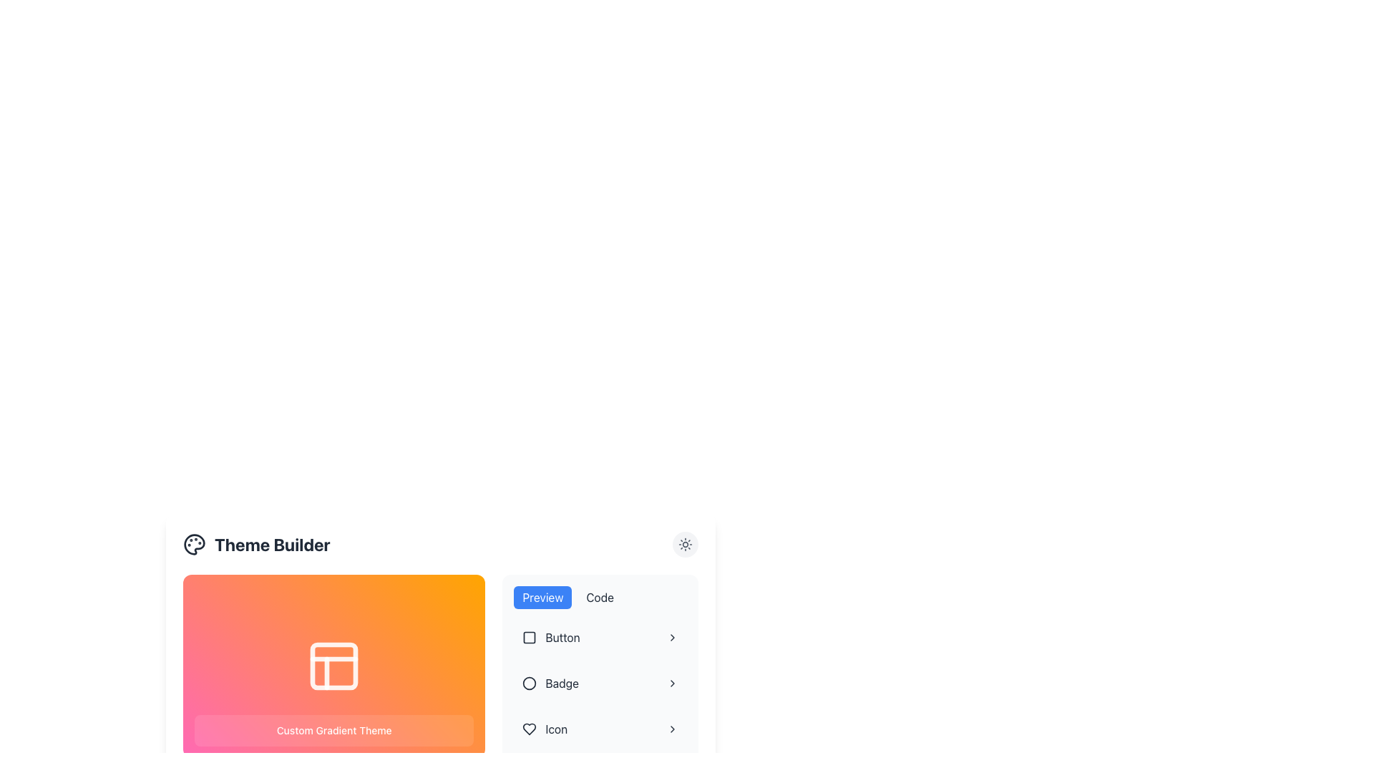 The image size is (1374, 773). I want to click on the text label displaying 'Badge', so click(561, 683).